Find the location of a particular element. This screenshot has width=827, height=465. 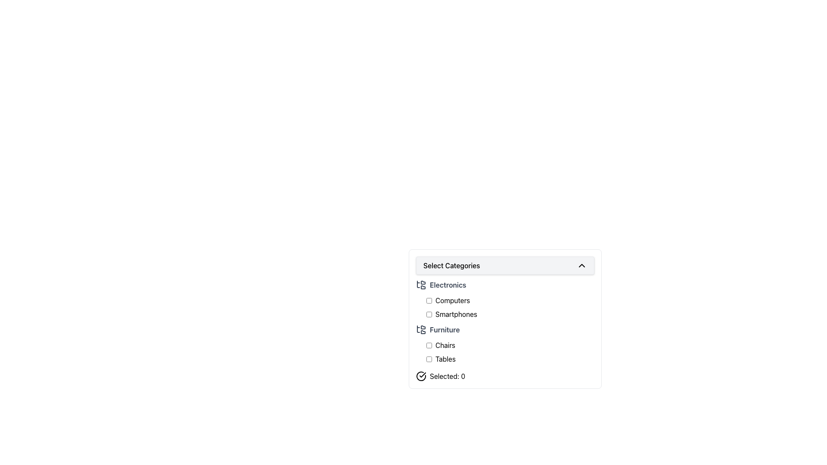

the text label reading 'Smartphones' which is aligned with a checkbox to its left in the 'Electronics' section is located at coordinates (456, 314).